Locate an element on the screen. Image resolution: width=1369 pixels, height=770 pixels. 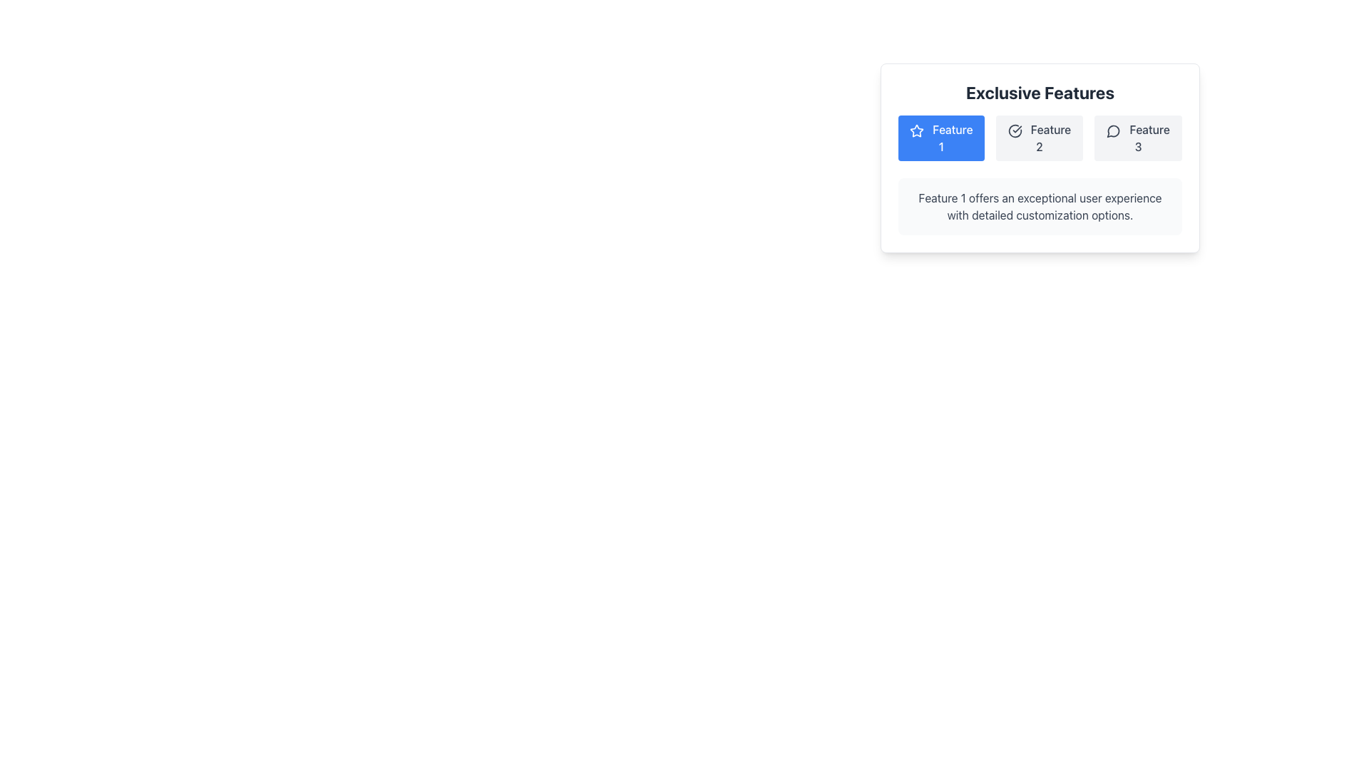
the star icon within the 'Feature 1' button, which indicates its selected status is located at coordinates (917, 130).